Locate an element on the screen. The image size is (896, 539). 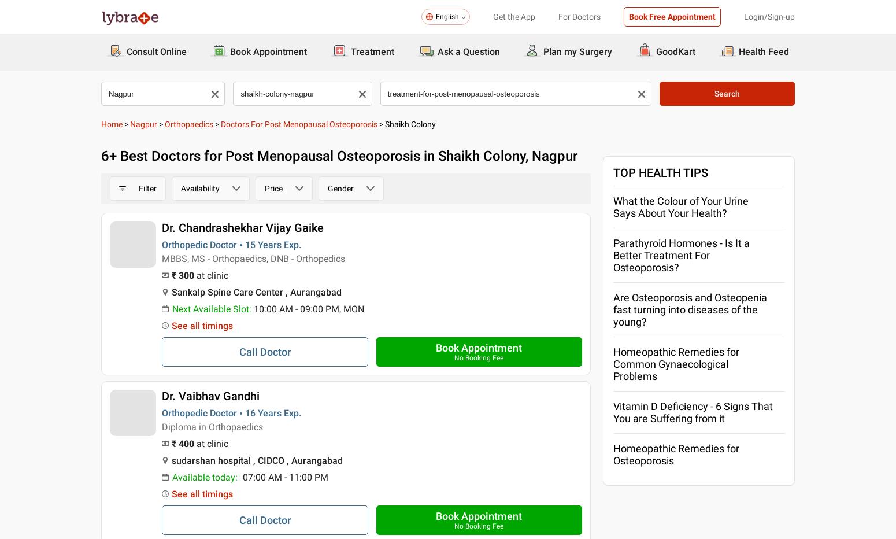
'TOP HEALTH TIPS' is located at coordinates (660, 172).